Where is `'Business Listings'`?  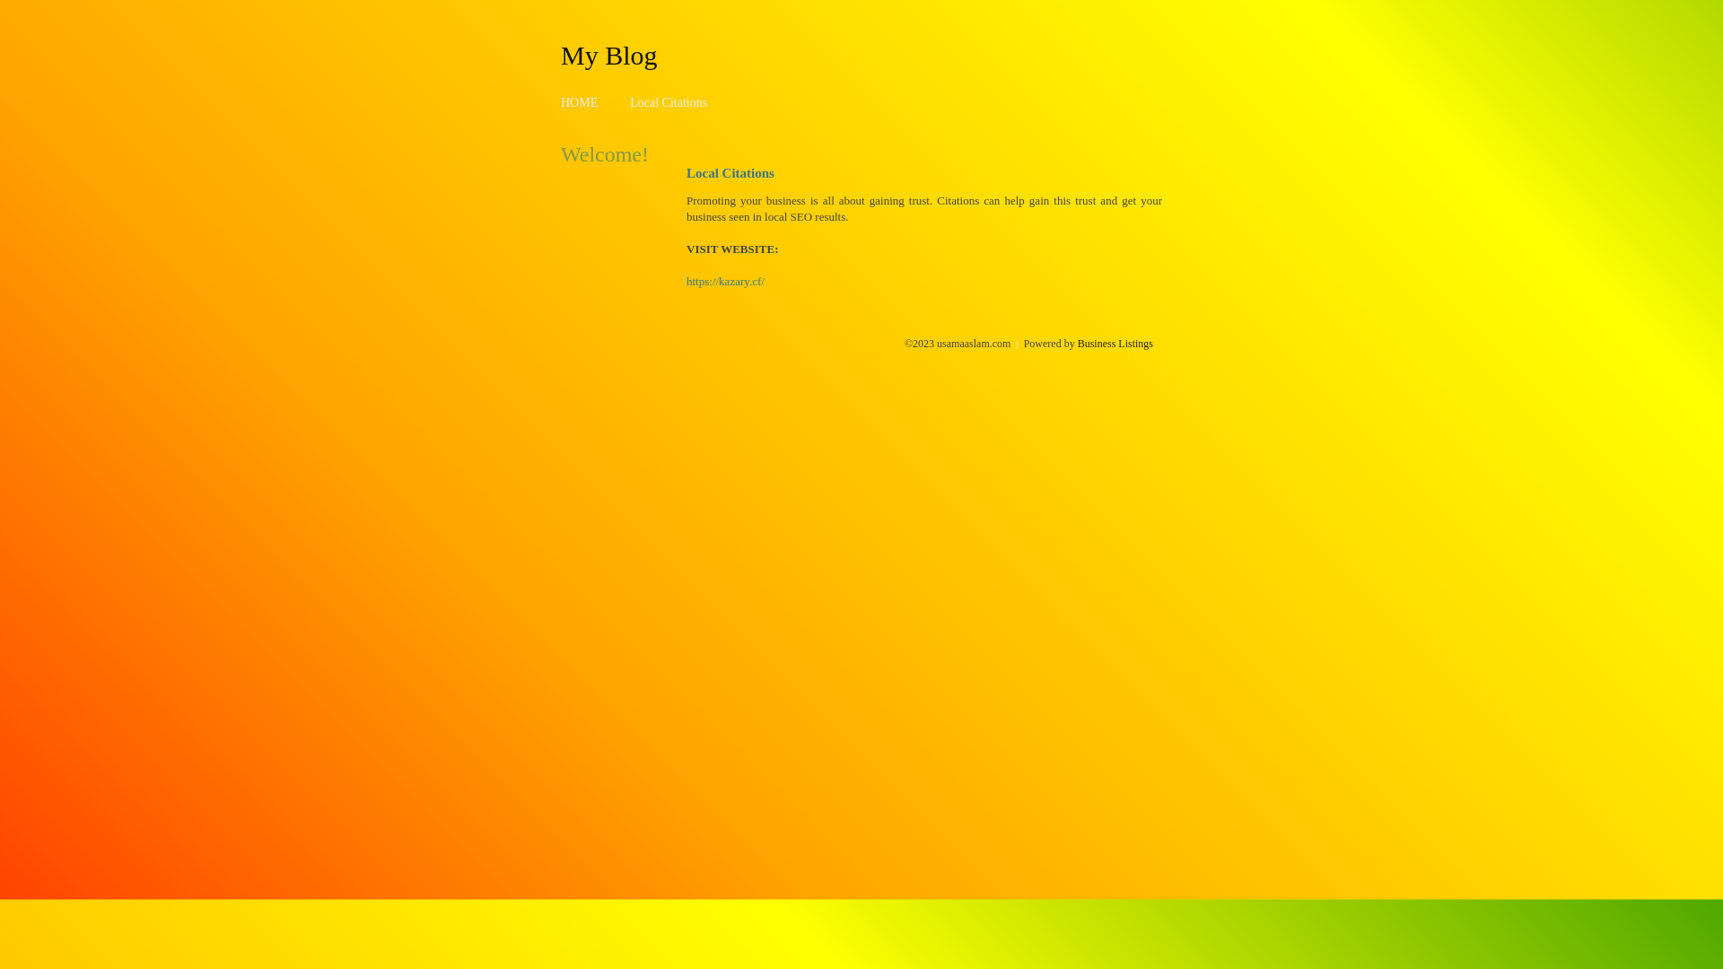 'Business Listings' is located at coordinates (1115, 343).